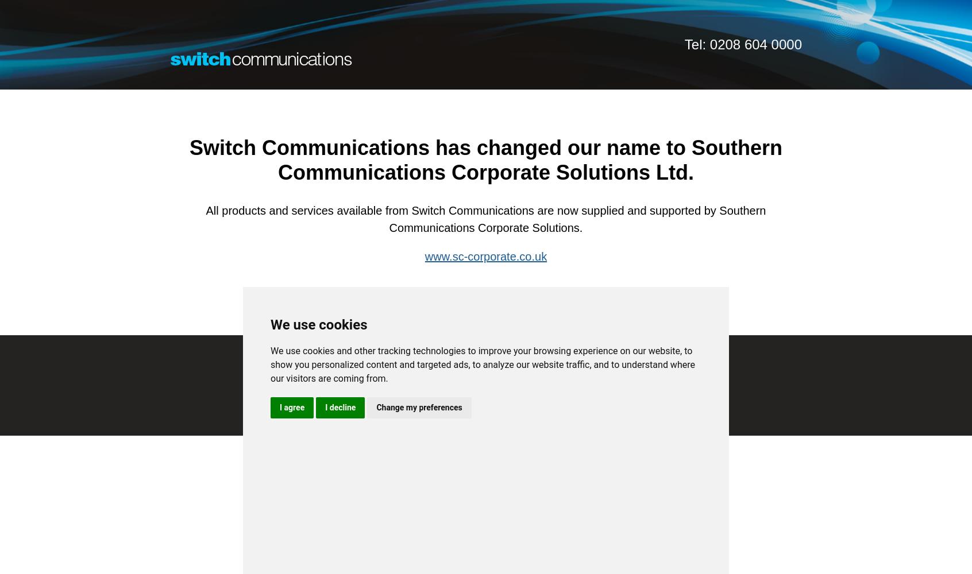  I want to click on 'All products and services available from Switch Communications are now supplied and supported by Southern Communications Corporate Solutions.', so click(485, 219).